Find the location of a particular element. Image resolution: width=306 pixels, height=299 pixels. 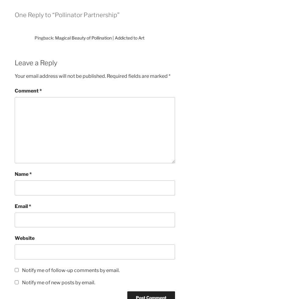

'Notify me of new posts by email.' is located at coordinates (58, 282).